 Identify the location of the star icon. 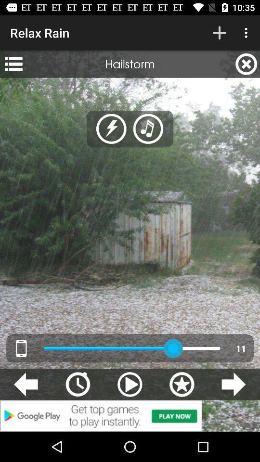
(182, 384).